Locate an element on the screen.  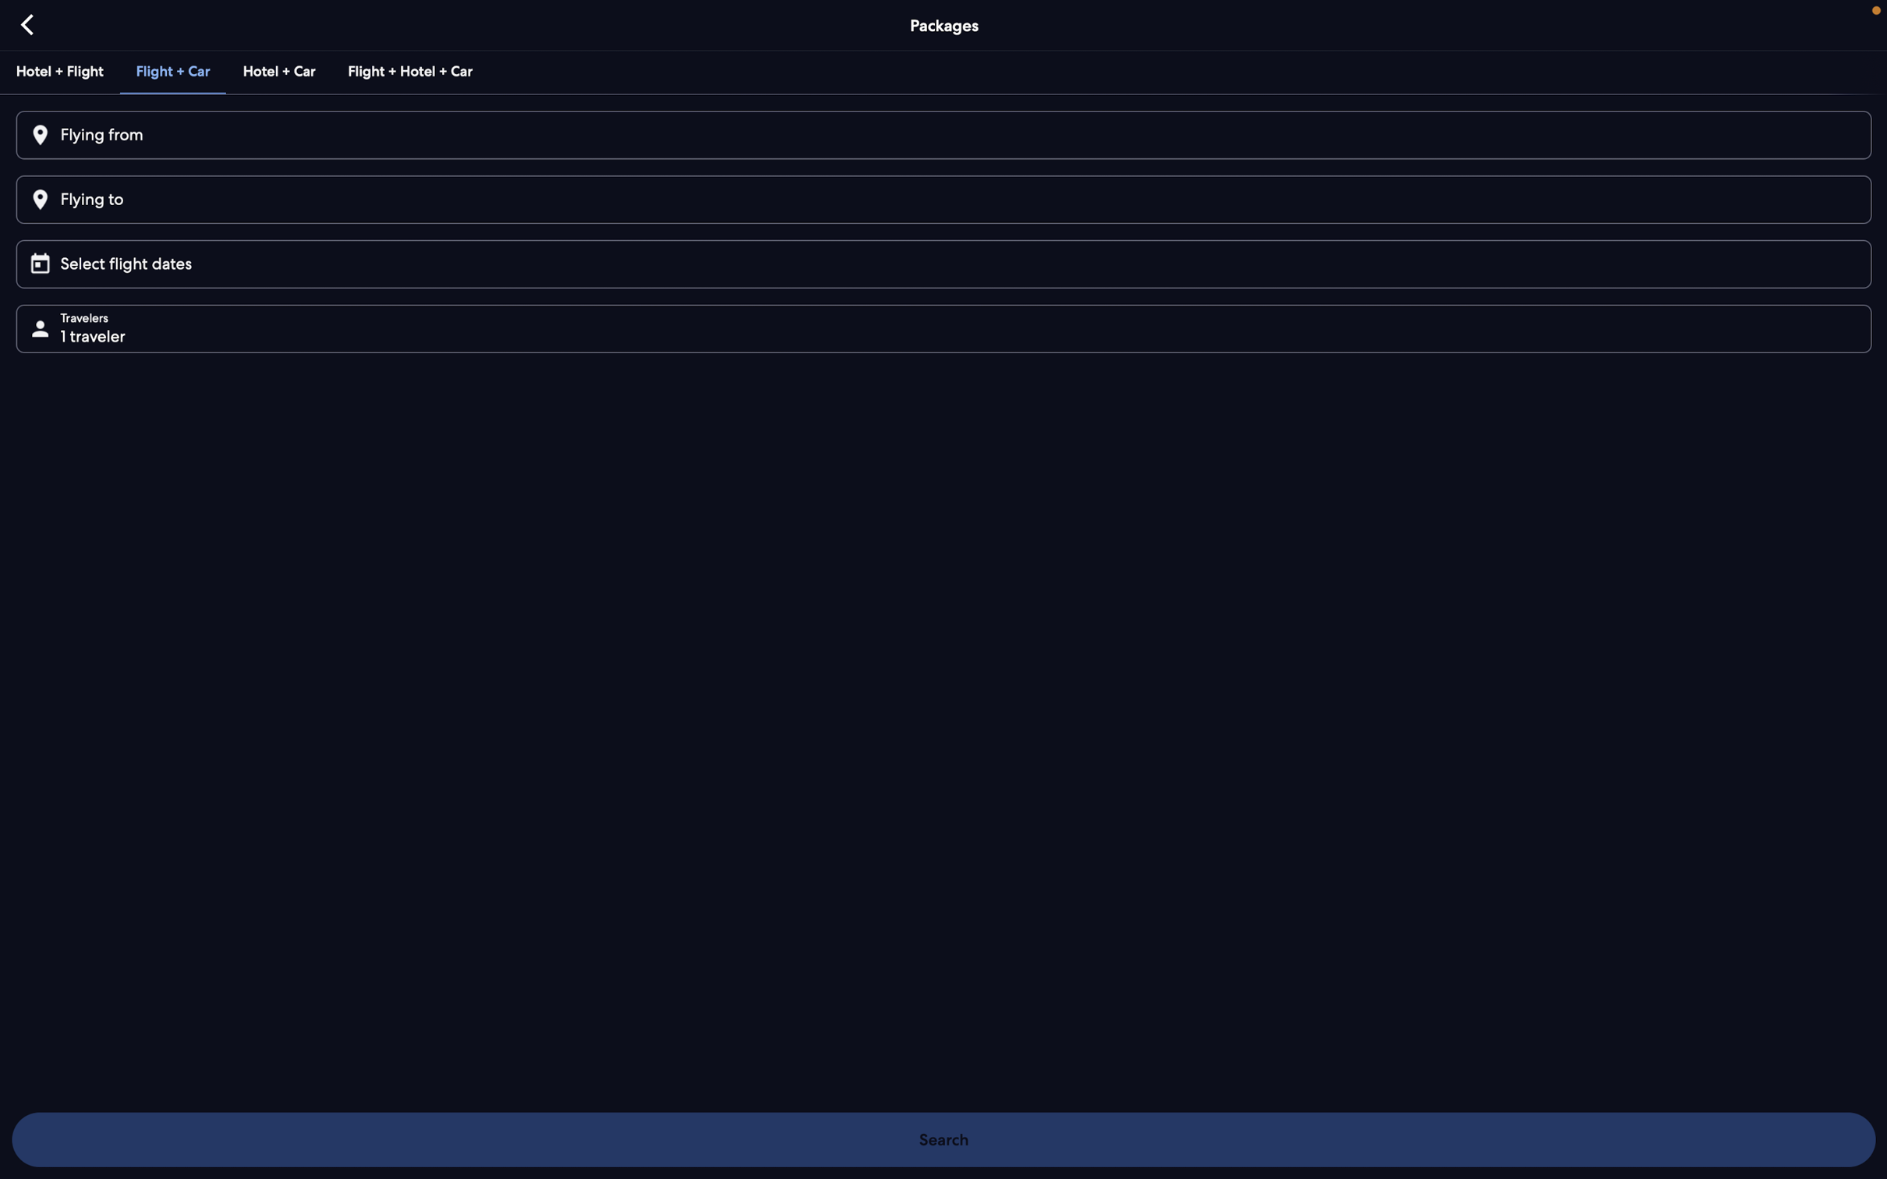
"Bangalore" as the starting point for your journey is located at coordinates (941, 136).